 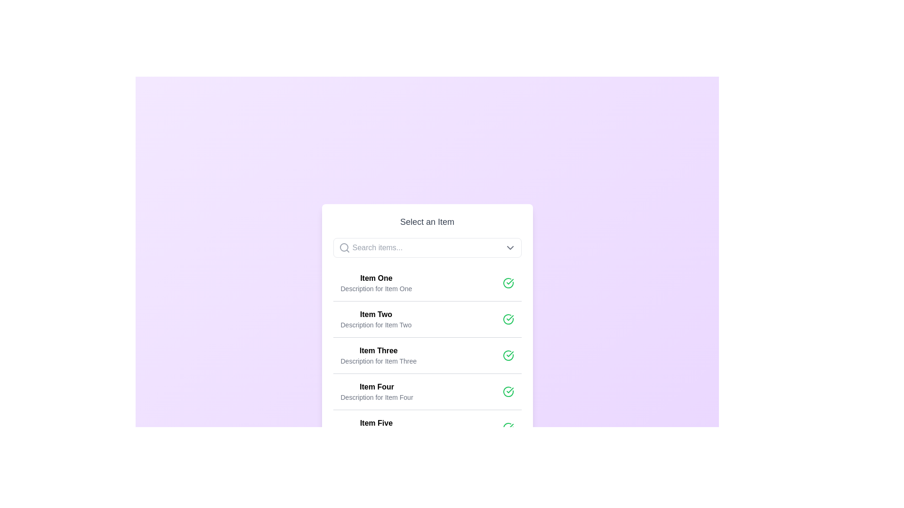 I want to click on the circular green checkmark icon (status indicator) located to the extreme right of the row labeled 'Item Five', near the center-right edge, so click(x=508, y=428).